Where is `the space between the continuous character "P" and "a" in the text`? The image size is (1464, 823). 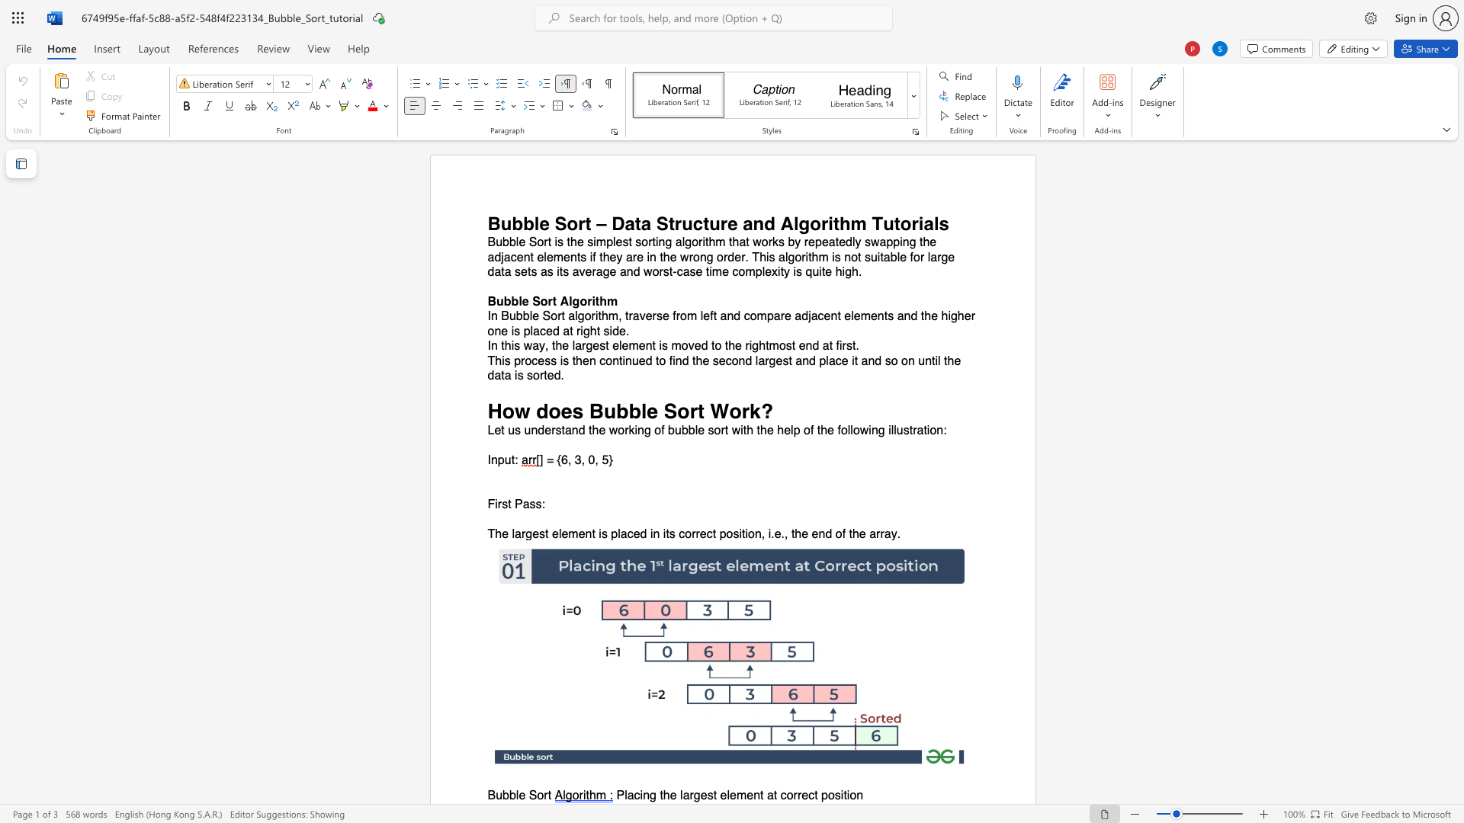 the space between the continuous character "P" and "a" in the text is located at coordinates (522, 504).